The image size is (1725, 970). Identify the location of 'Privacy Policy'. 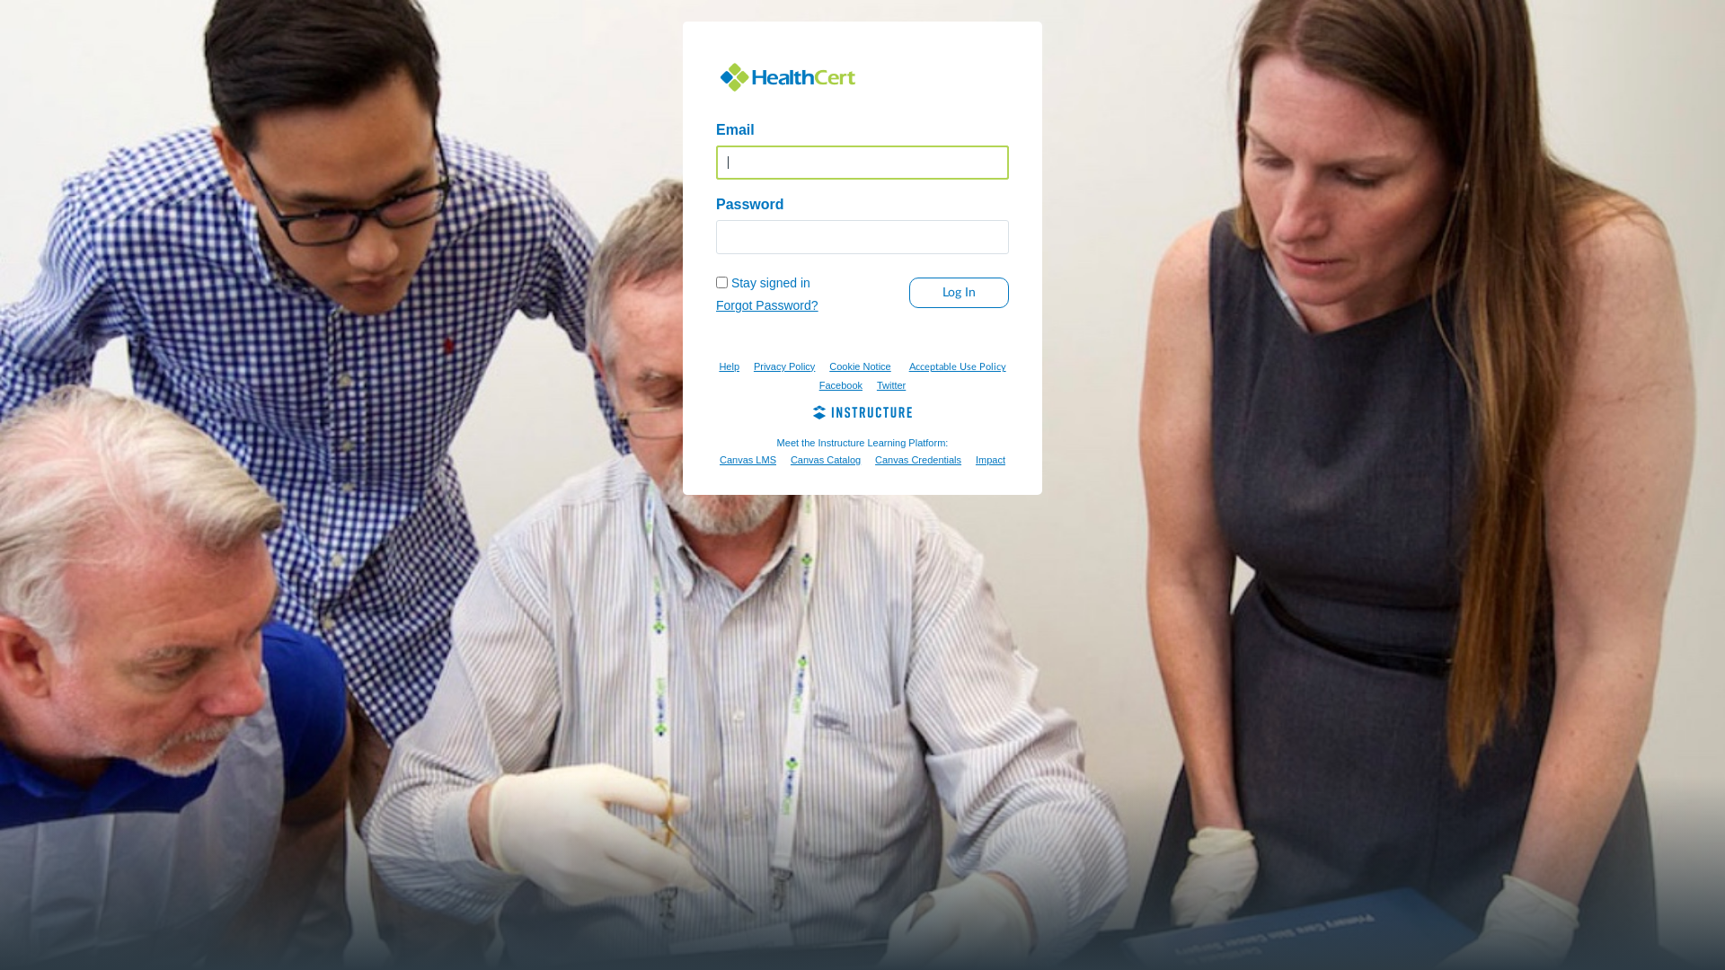
(784, 366).